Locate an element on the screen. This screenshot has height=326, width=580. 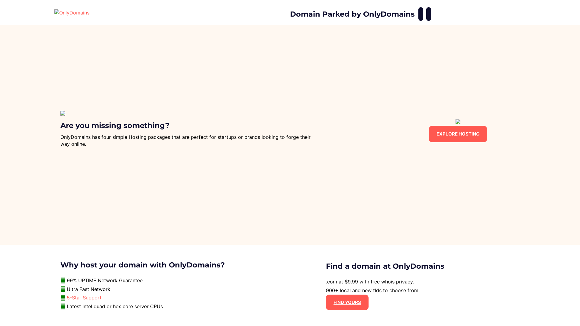
'OnlyDomains Facebook' is located at coordinates (420, 14).